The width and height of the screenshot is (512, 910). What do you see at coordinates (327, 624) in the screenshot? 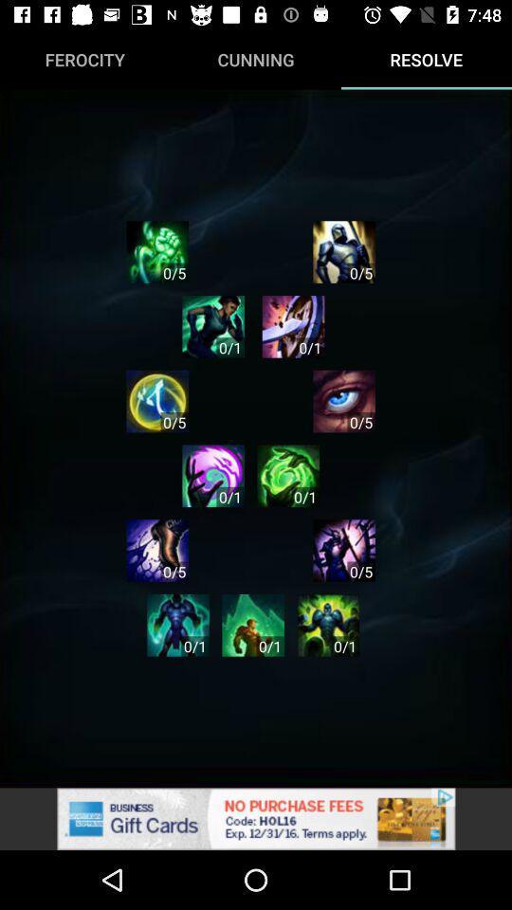
I see `the settings icon` at bounding box center [327, 624].